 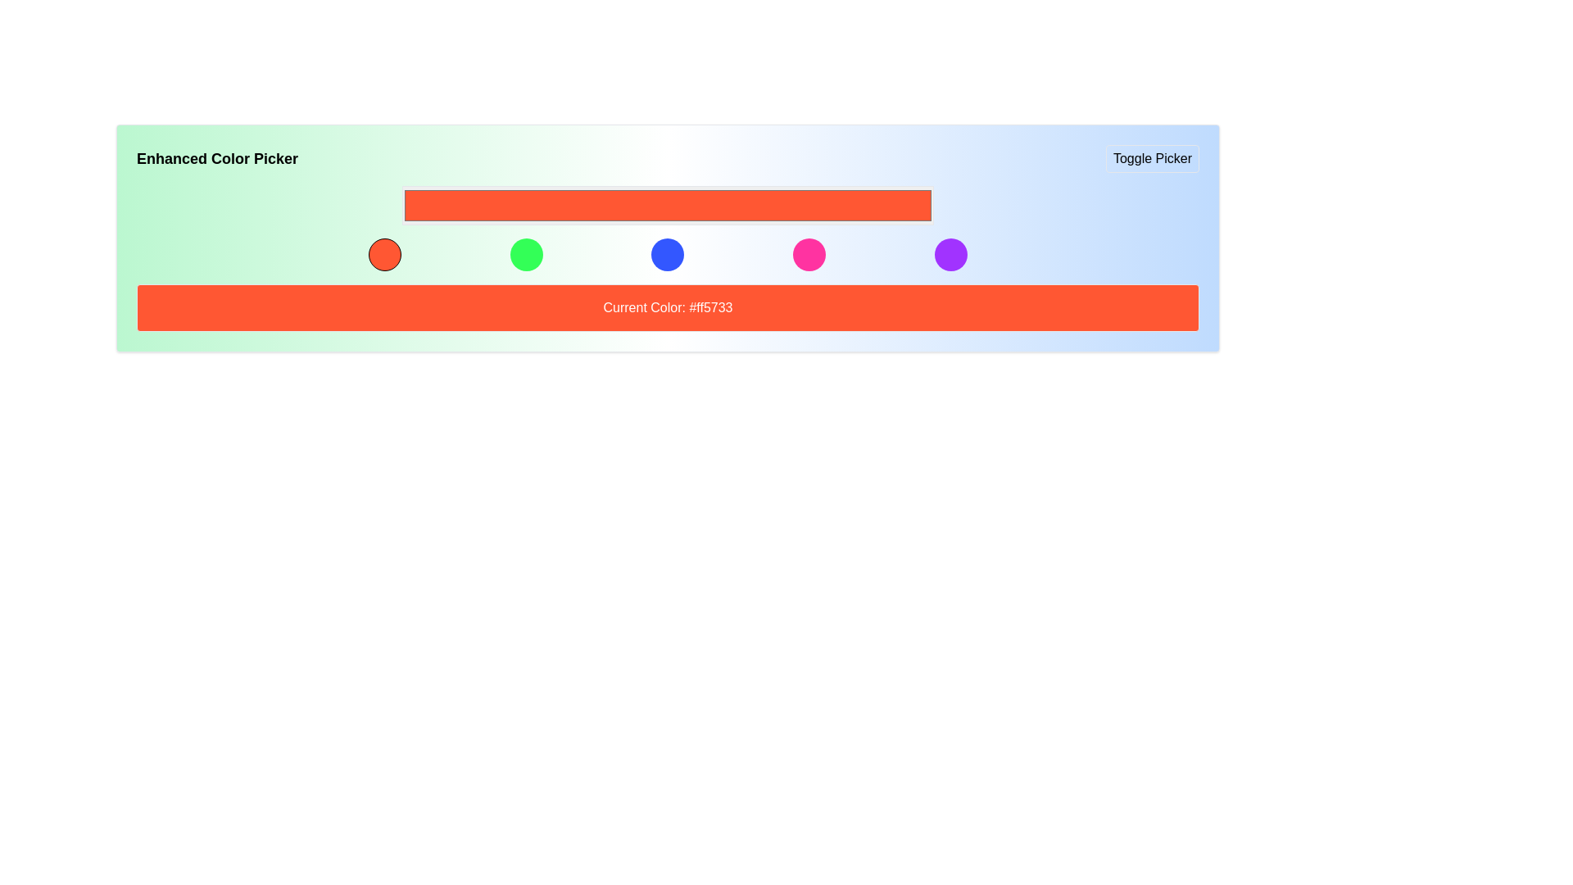 What do you see at coordinates (668, 307) in the screenshot?
I see `the informational text element that displays the currently selected color in hexadecimal format, which is centrally located within a larger orange rectangle` at bounding box center [668, 307].